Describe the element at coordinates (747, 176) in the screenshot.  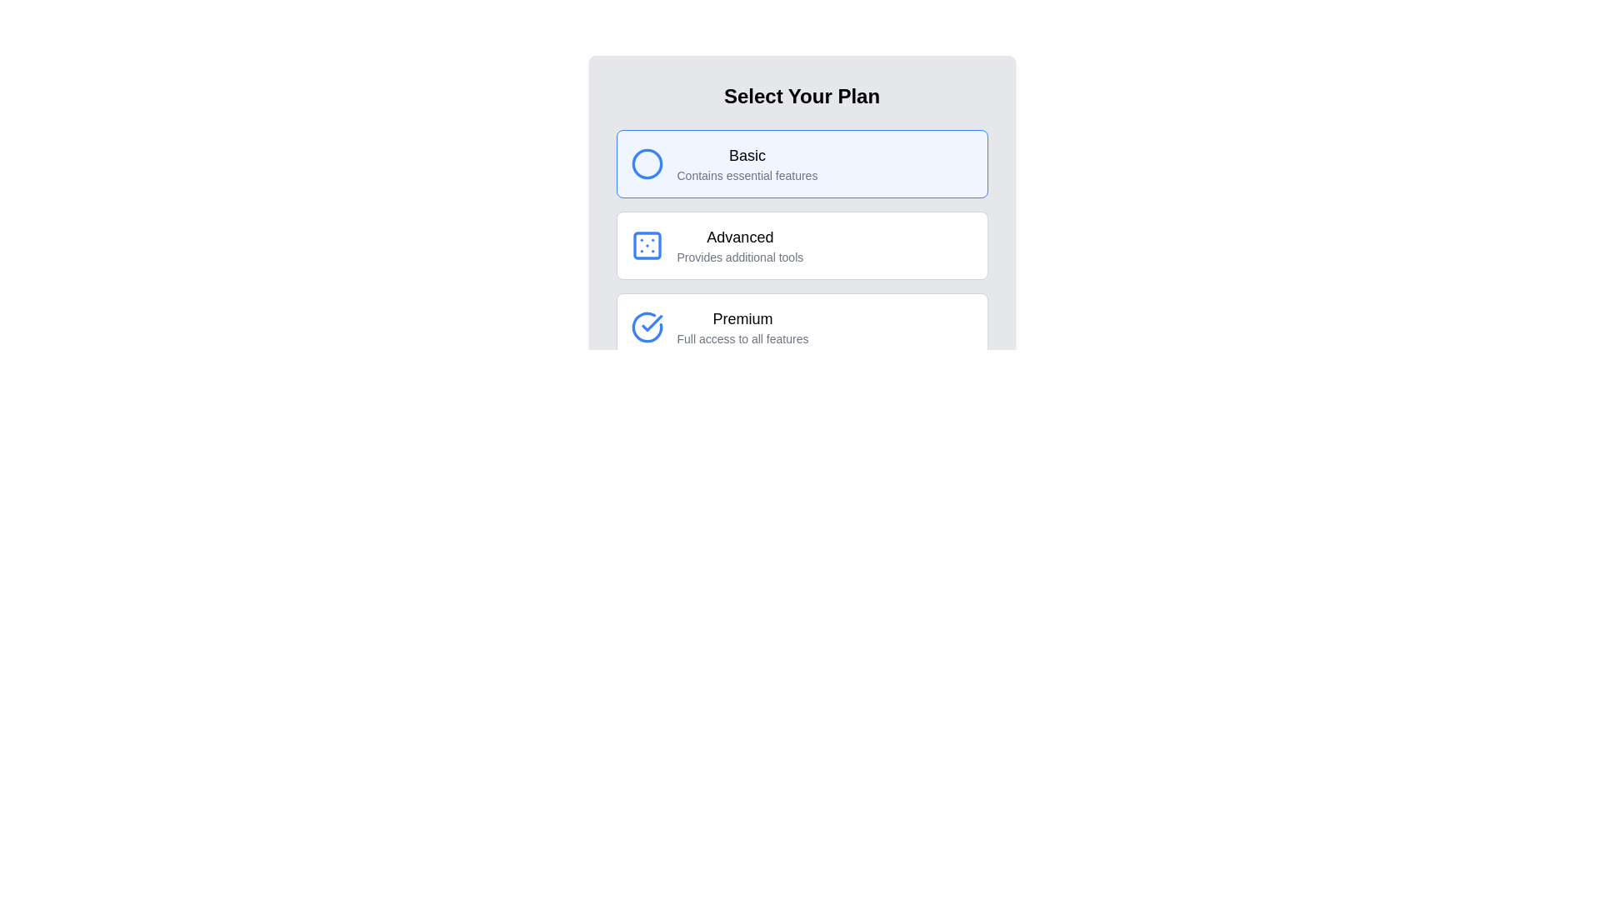
I see `description text label for the 'Basic' subscription plan, which is located below the heading 'Basic' in the subscription plans section` at that location.